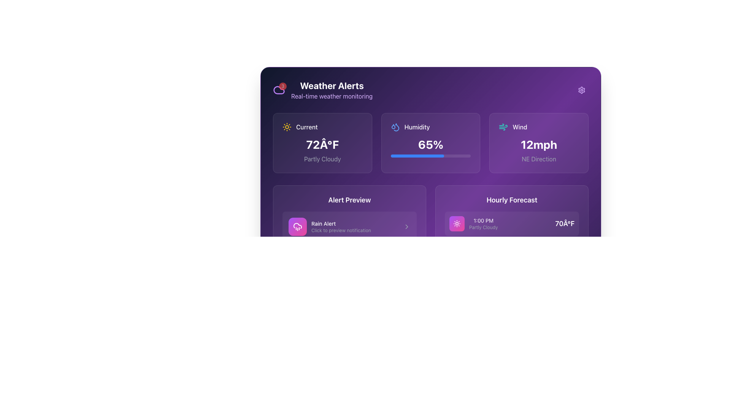  I want to click on the static text label indicating current weather conditions, which is positioned above the temperature information and next to a sun icon, so click(307, 127).